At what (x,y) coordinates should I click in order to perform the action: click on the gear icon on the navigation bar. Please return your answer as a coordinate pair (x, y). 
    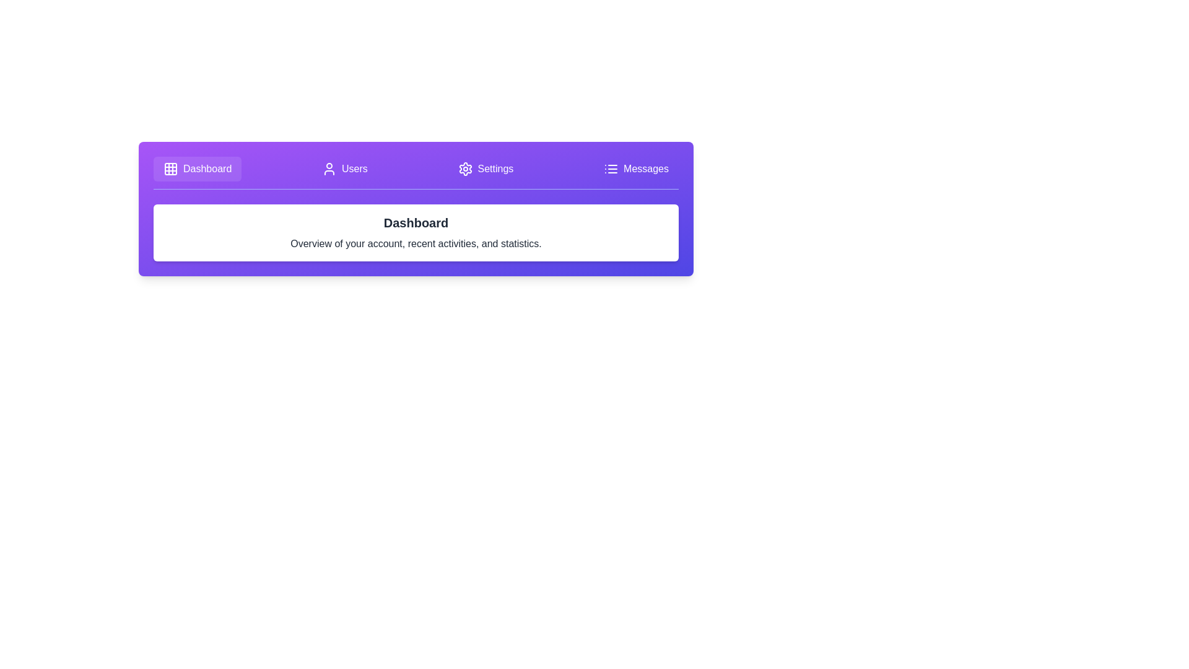
    Looking at the image, I should click on (464, 169).